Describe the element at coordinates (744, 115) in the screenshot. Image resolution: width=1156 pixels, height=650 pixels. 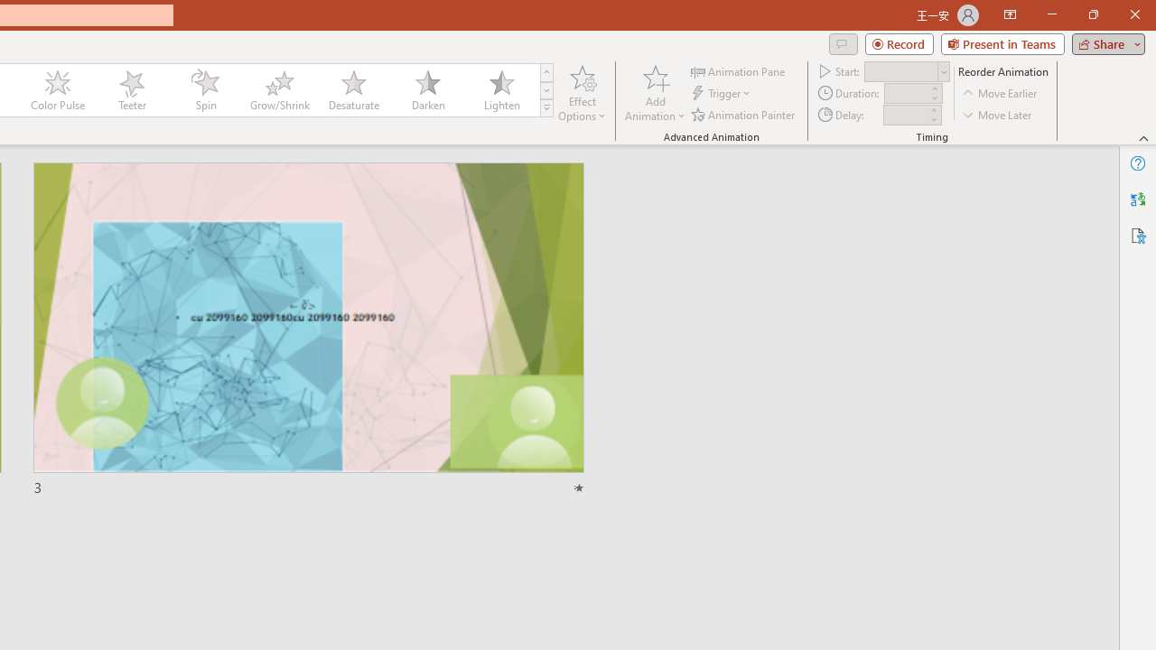
I see `'Animation Painter'` at that location.